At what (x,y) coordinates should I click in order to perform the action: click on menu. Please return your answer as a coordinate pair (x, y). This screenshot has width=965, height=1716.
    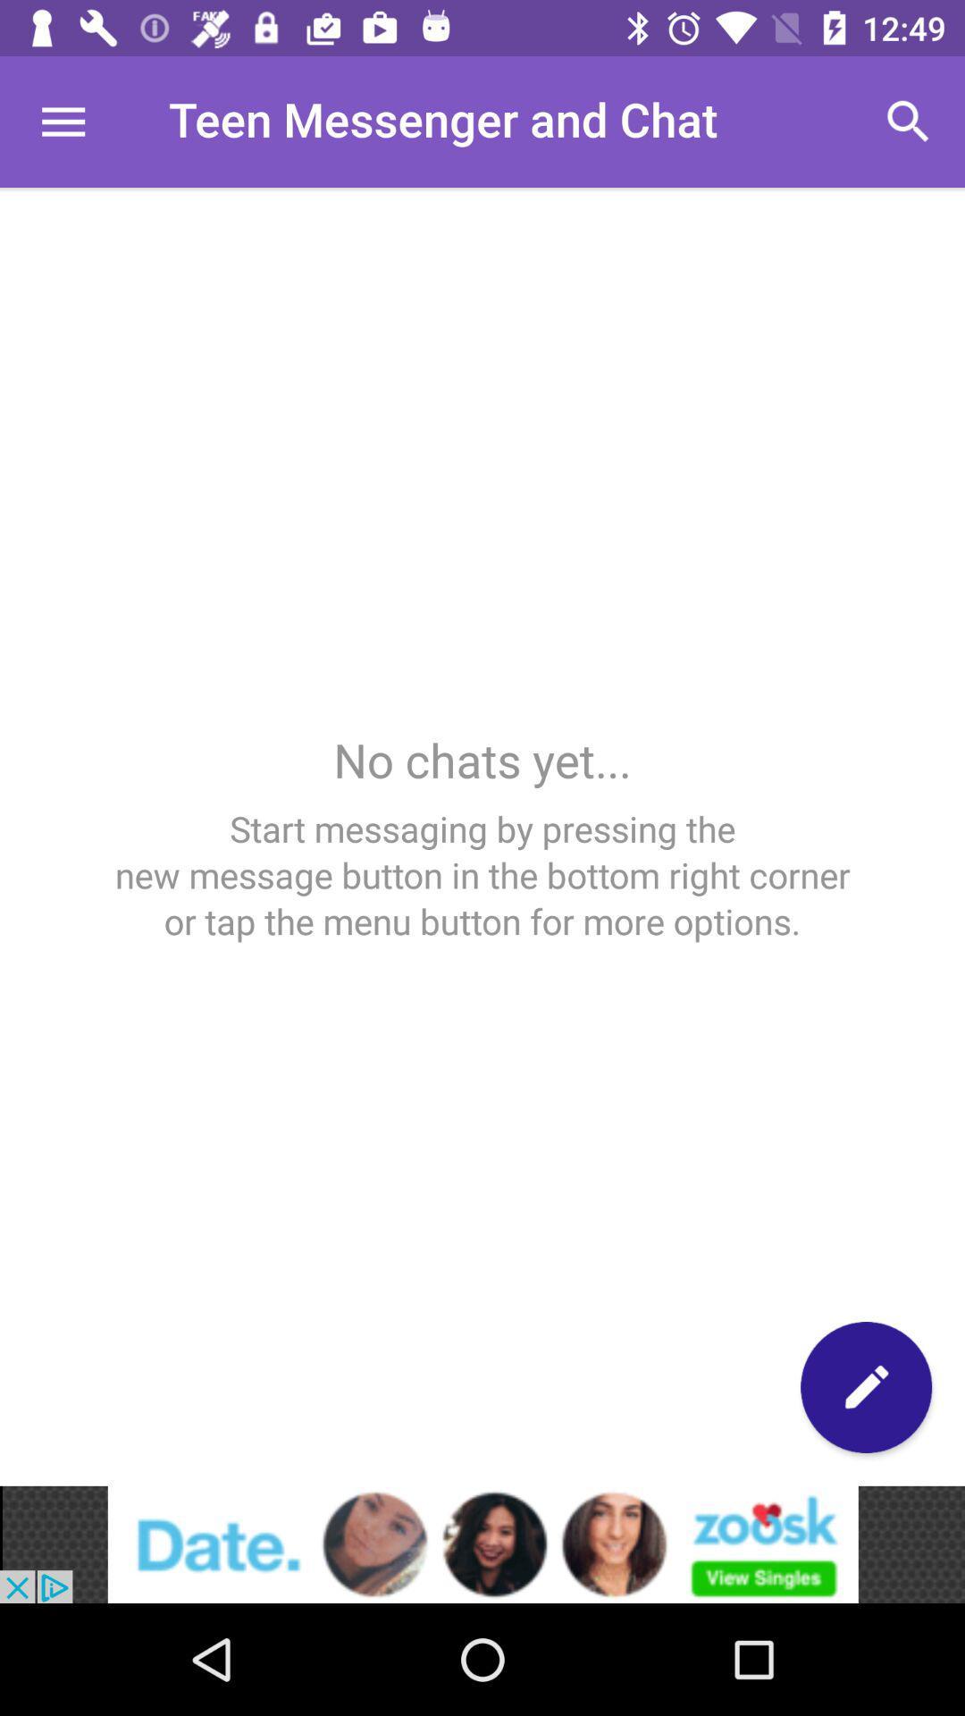
    Looking at the image, I should click on (62, 121).